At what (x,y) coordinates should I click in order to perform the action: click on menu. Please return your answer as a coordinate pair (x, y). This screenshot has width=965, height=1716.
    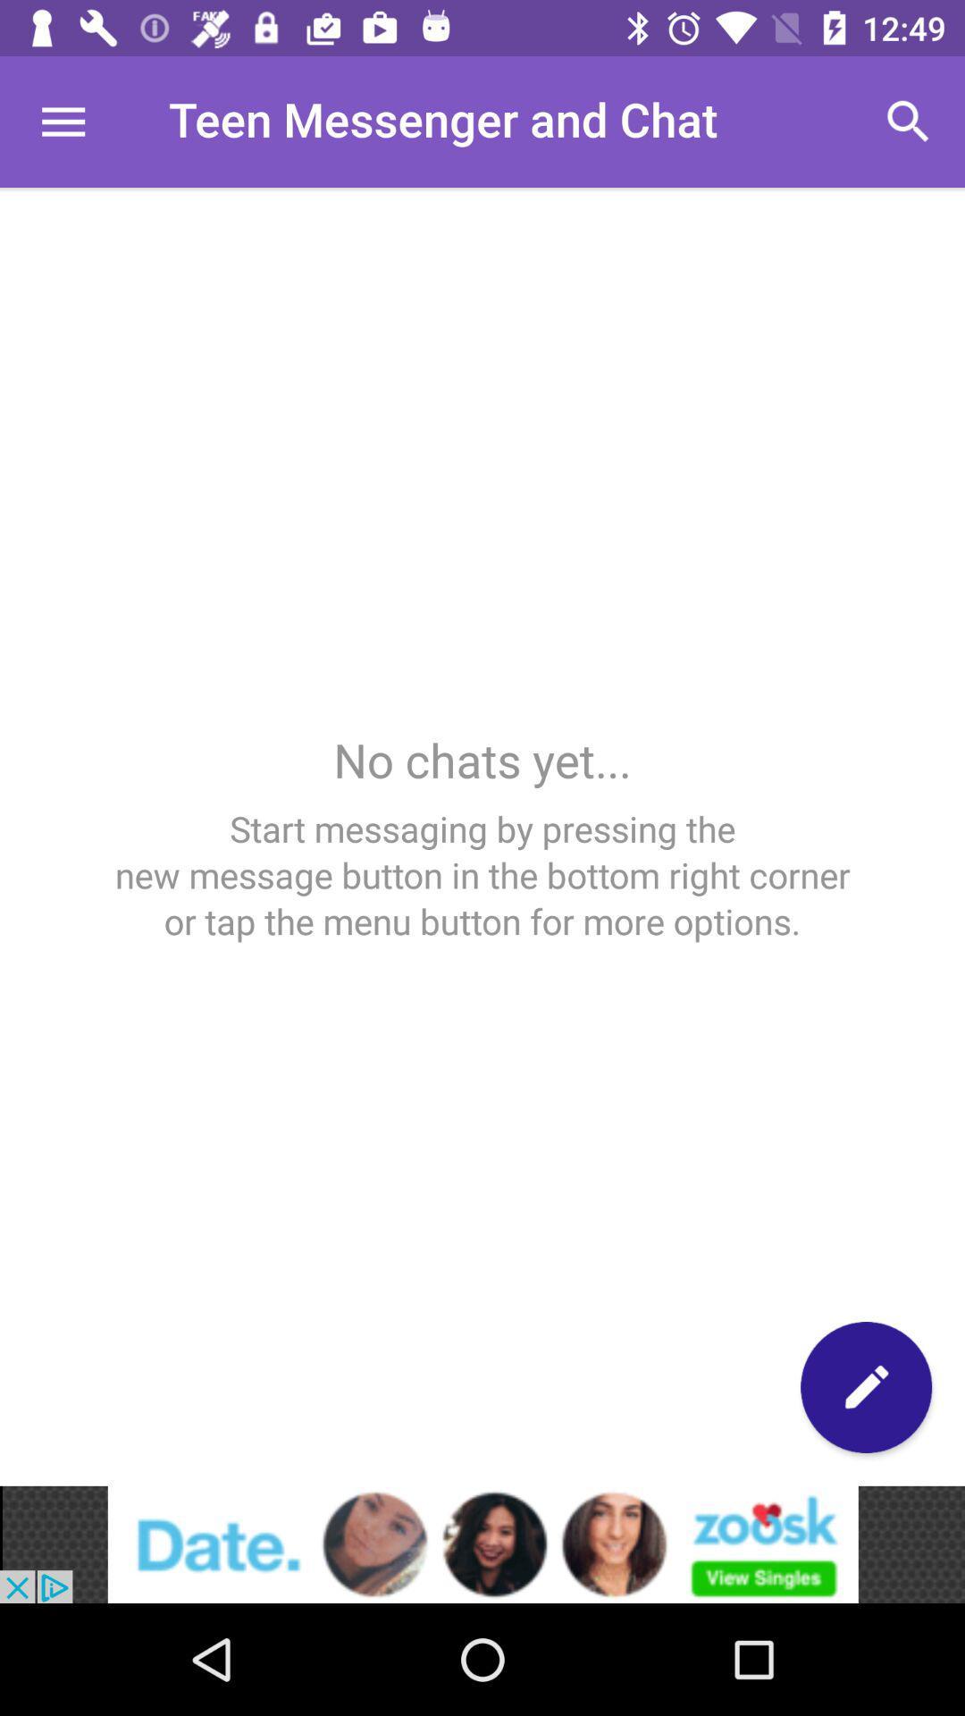
    Looking at the image, I should click on (62, 121).